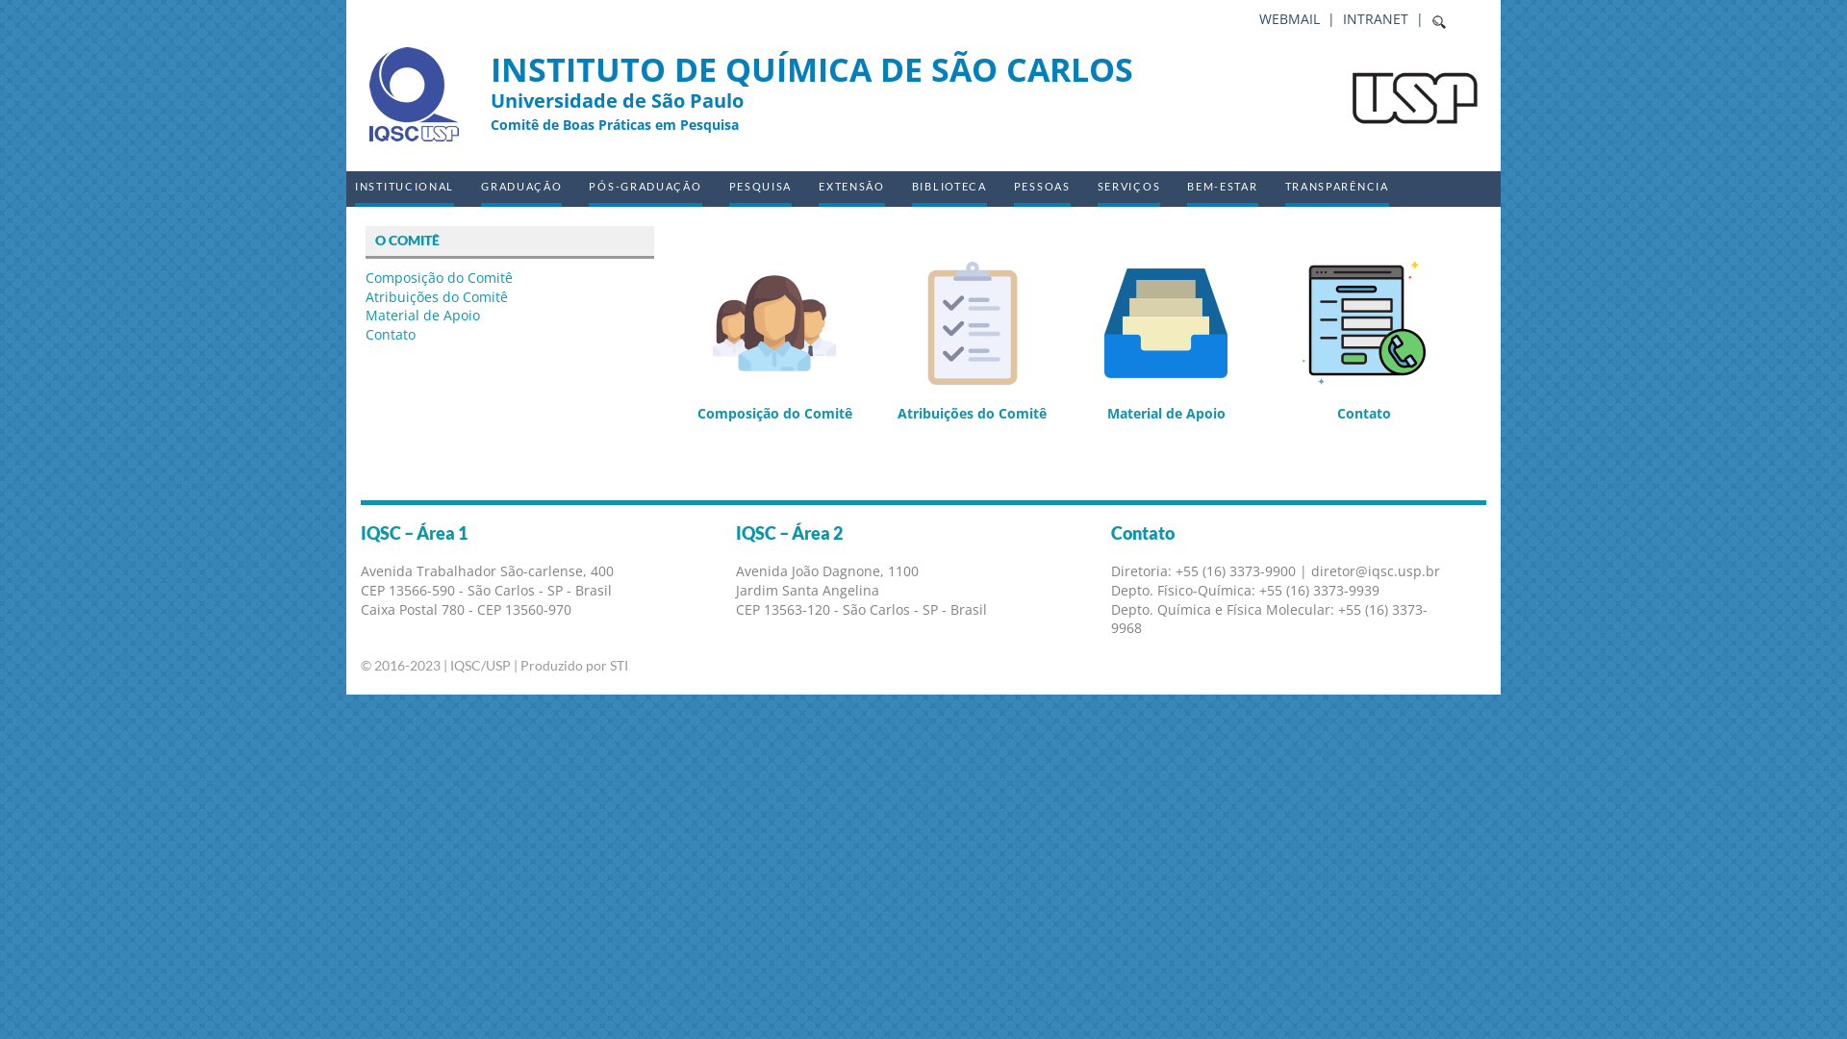 The width and height of the screenshot is (1847, 1039). What do you see at coordinates (1221, 189) in the screenshot?
I see `'BEM-ESTAR'` at bounding box center [1221, 189].